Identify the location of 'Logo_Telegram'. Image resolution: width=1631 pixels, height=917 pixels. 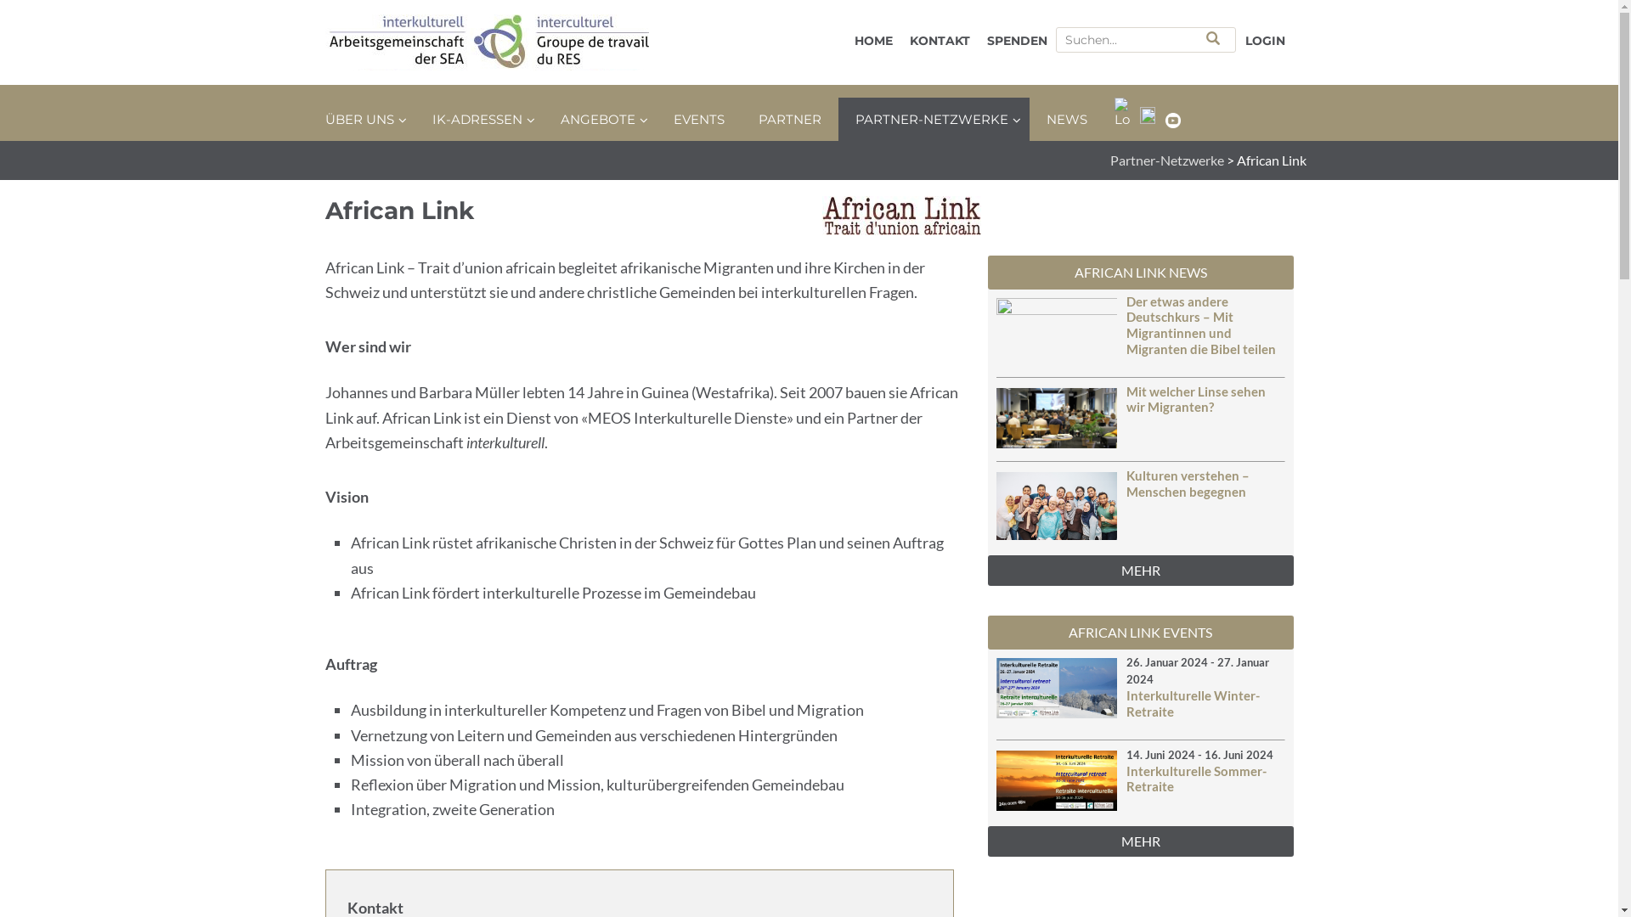
(1121, 112).